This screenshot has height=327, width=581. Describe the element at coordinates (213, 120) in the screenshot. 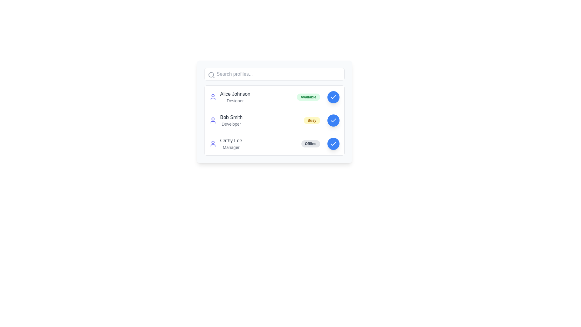

I see `the user icon representing Bob Smith, located in the second row of the profile list` at that location.